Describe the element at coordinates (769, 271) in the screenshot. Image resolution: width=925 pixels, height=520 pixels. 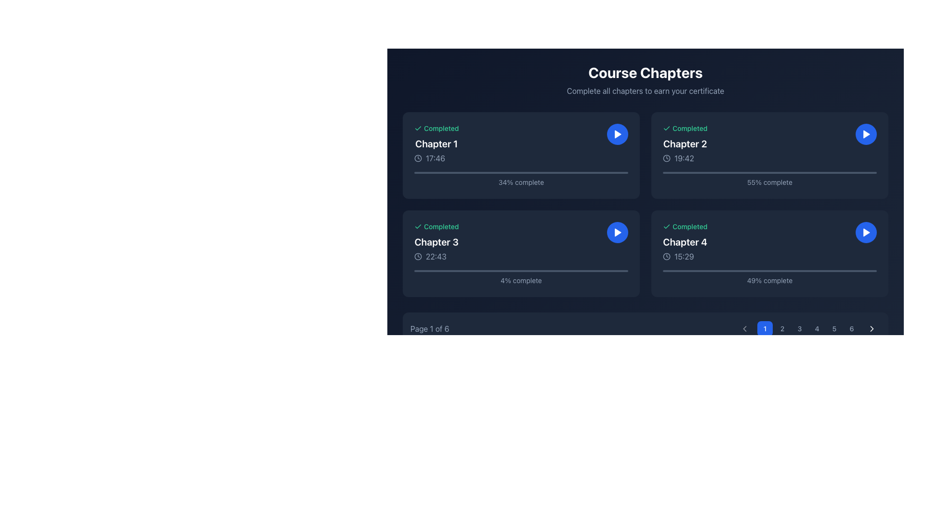
I see `the static progress bar element located in the 'Chapter 4' content box, positioned below the duration text '15:29' and above the label '49% complete'` at that location.